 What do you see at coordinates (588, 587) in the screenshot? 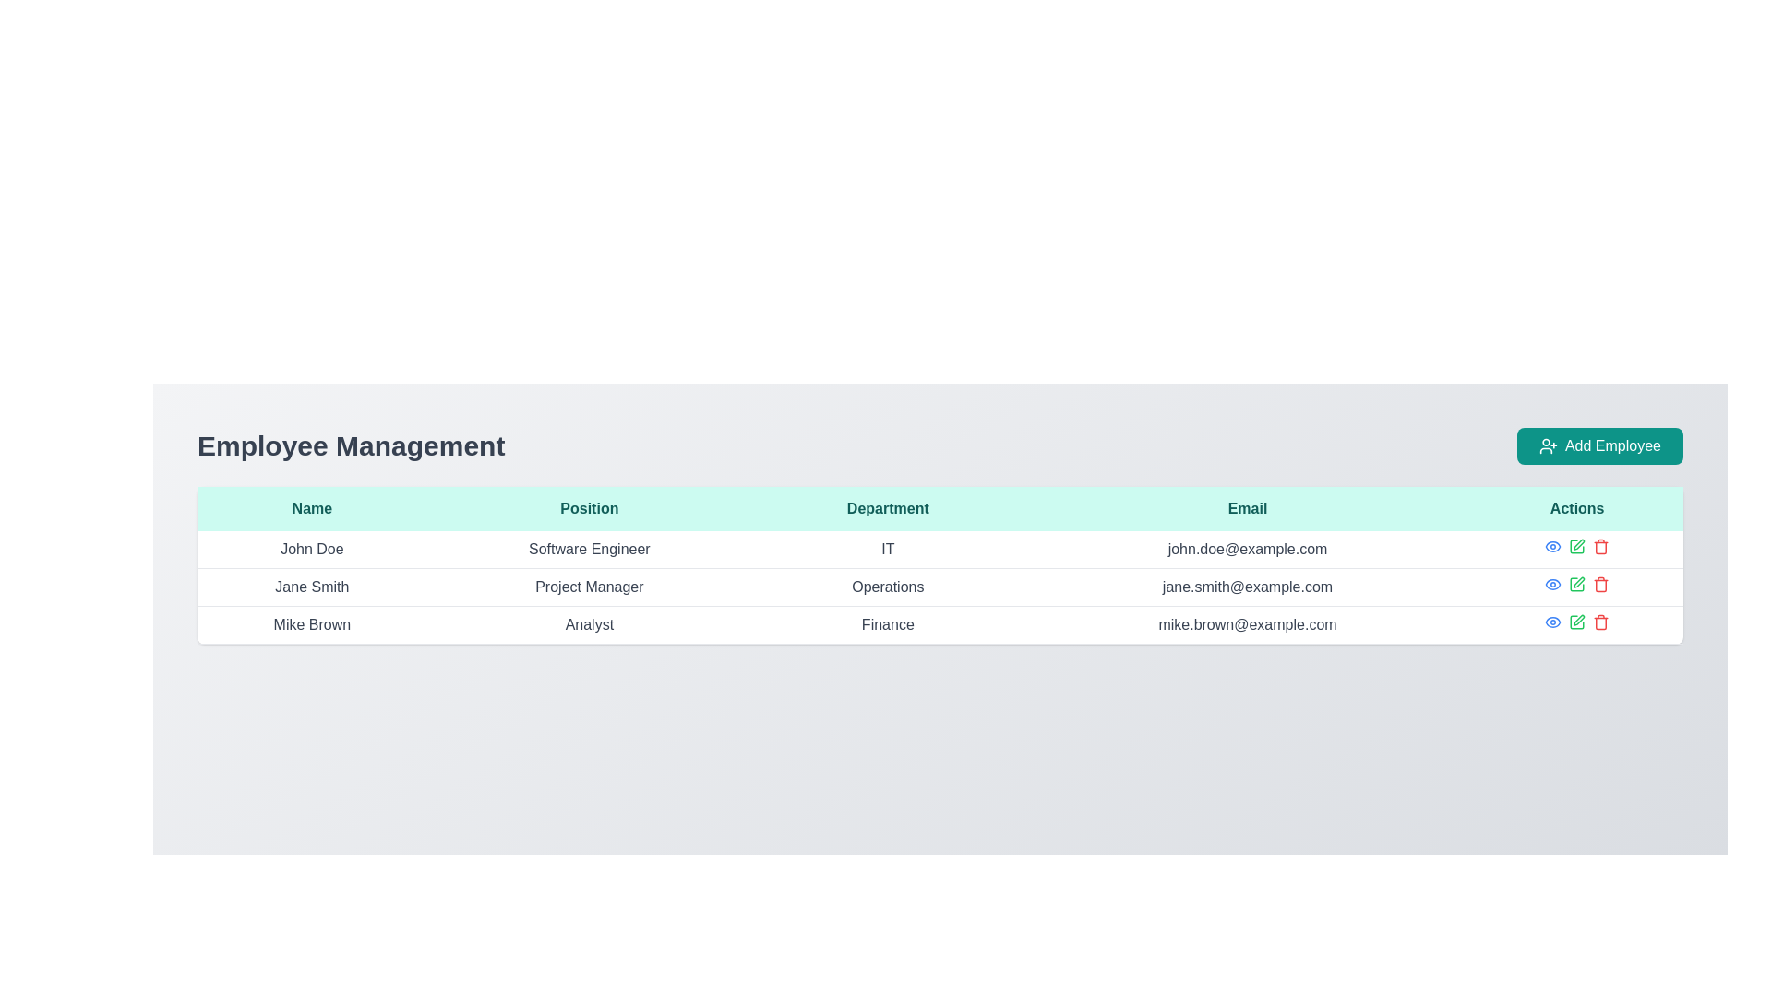
I see `the static text label displaying the job title 'Project Manager' for the employee 'Jane Smith', located in the second row of the table under the 'Position' column` at bounding box center [588, 587].